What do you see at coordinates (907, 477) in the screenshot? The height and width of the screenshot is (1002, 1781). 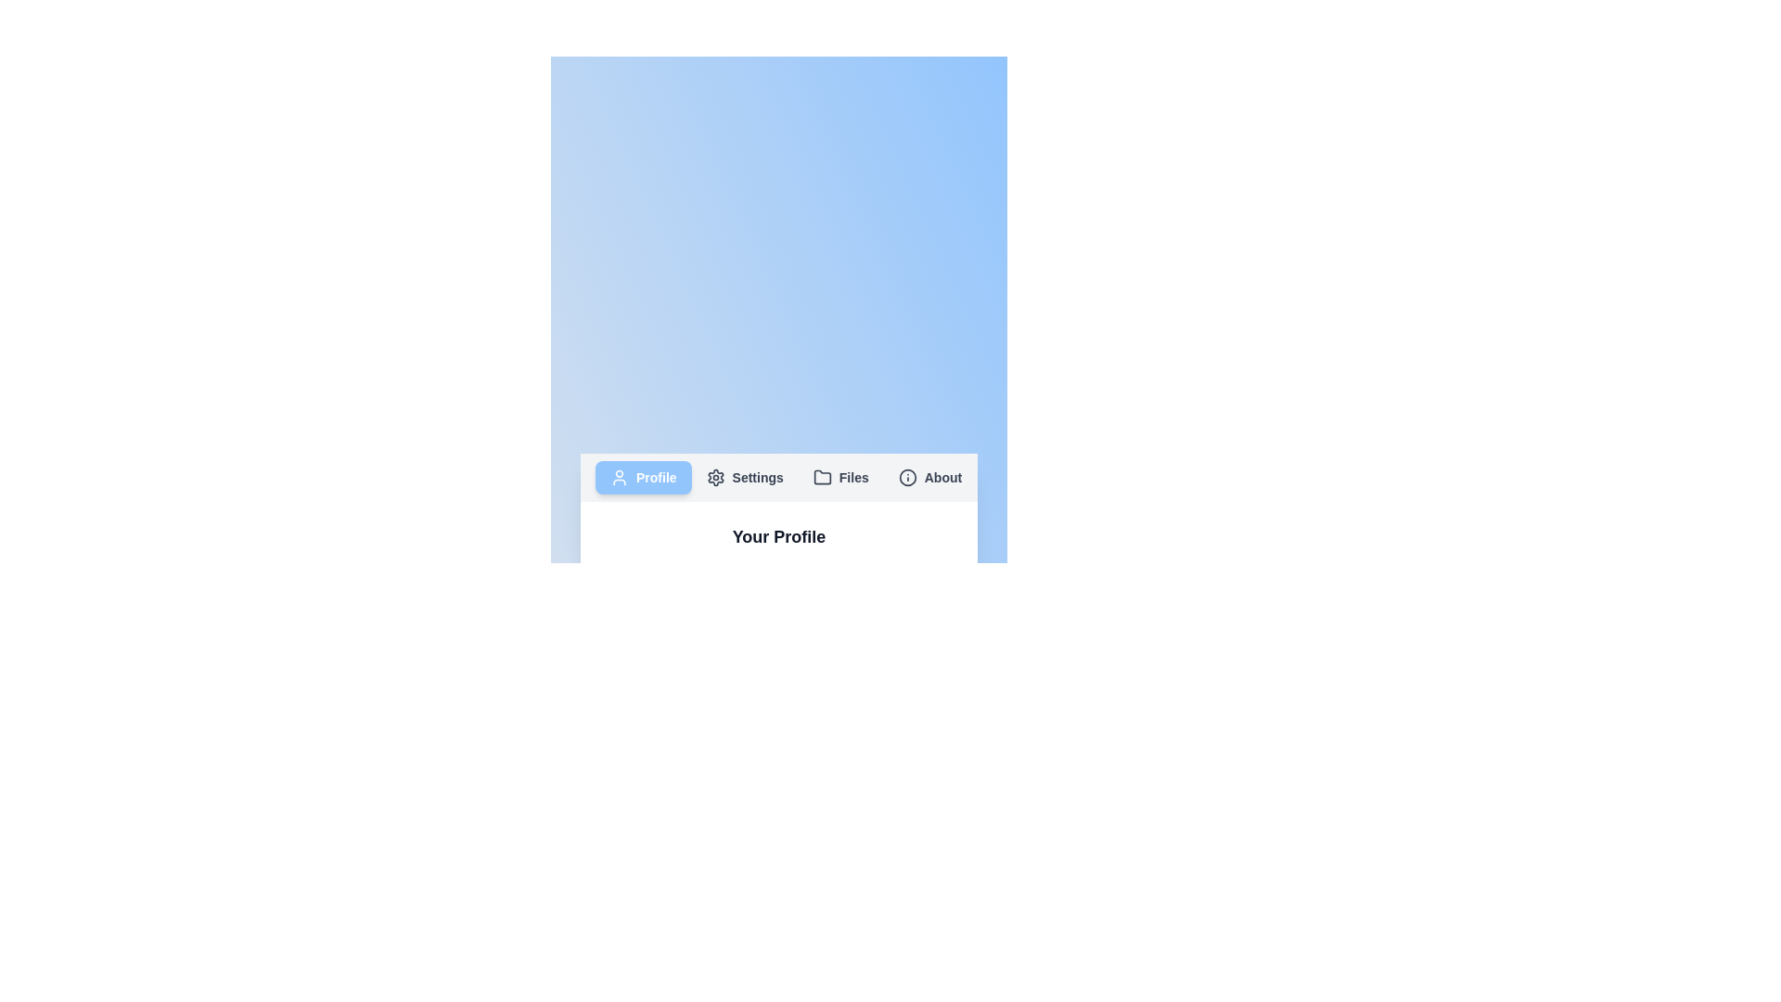 I see `the informational icon depicted as a circled 'i' symbol located in the 'About' section of the bottom center menu bar` at bounding box center [907, 477].